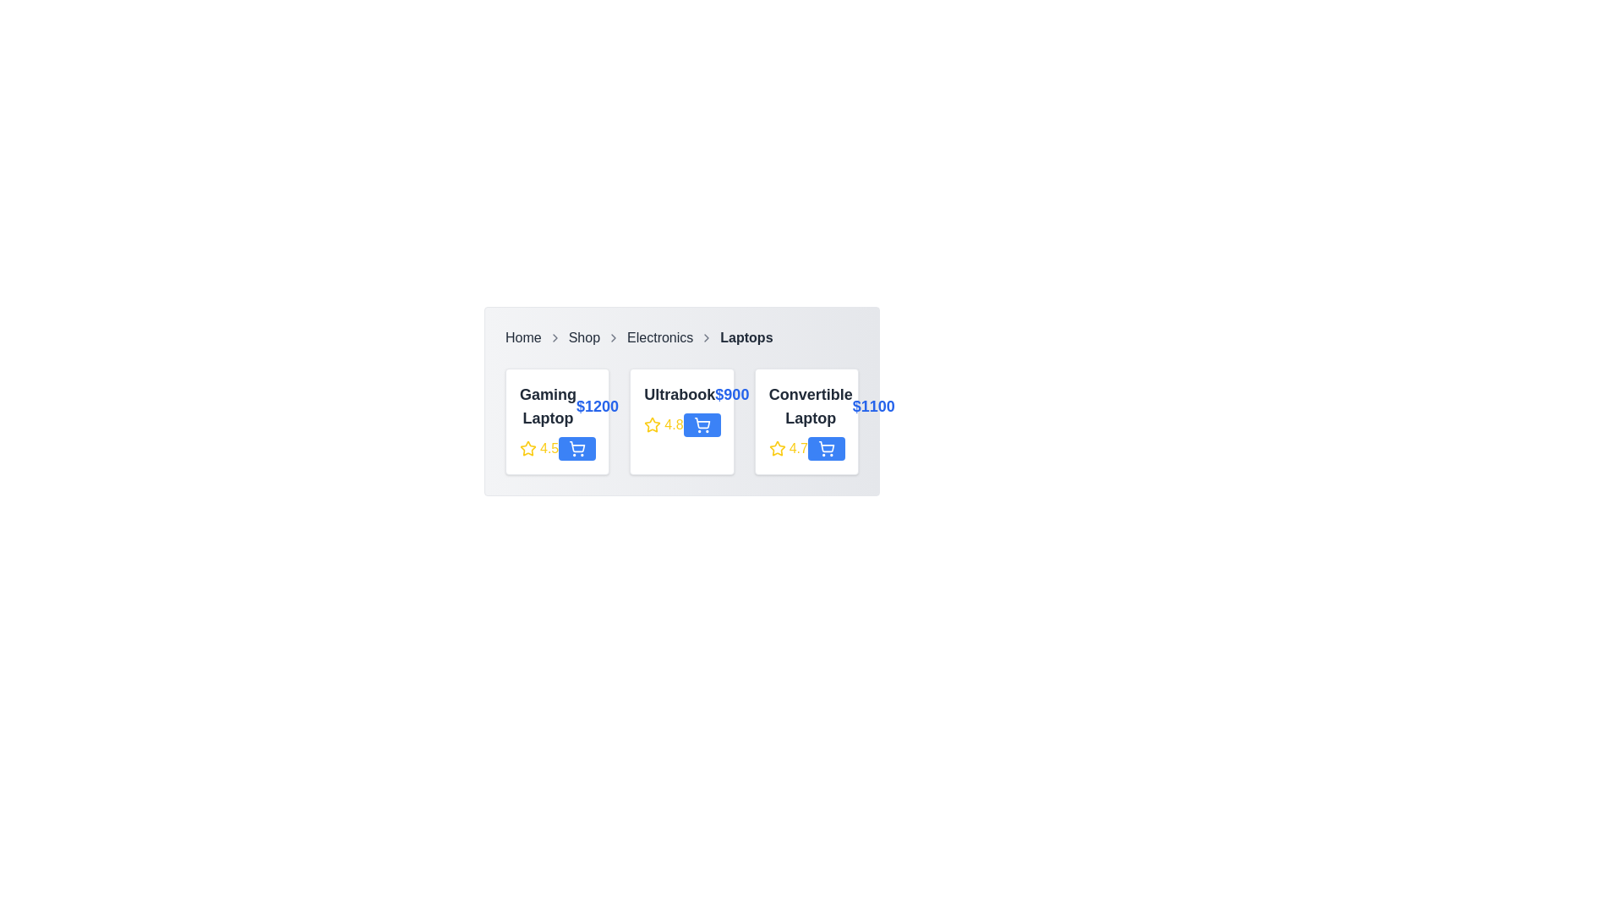  What do you see at coordinates (598, 407) in the screenshot?
I see `the text label displaying '$1200' in bold, blue font, which is located to the right of the title 'Gaming Laptop' within the card details` at bounding box center [598, 407].